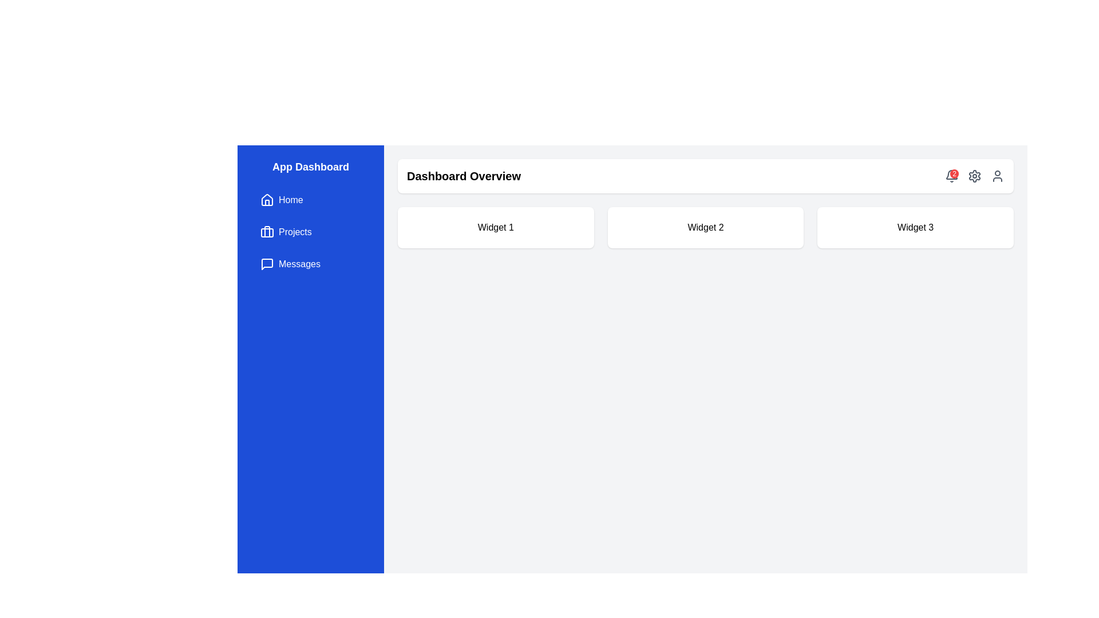 This screenshot has height=618, width=1099. I want to click on the button labeled 'Projects' with a briefcase icon, located in the left sidebar below the 'Home' button and above the 'Messages' button, to trigger the background color change, so click(286, 232).